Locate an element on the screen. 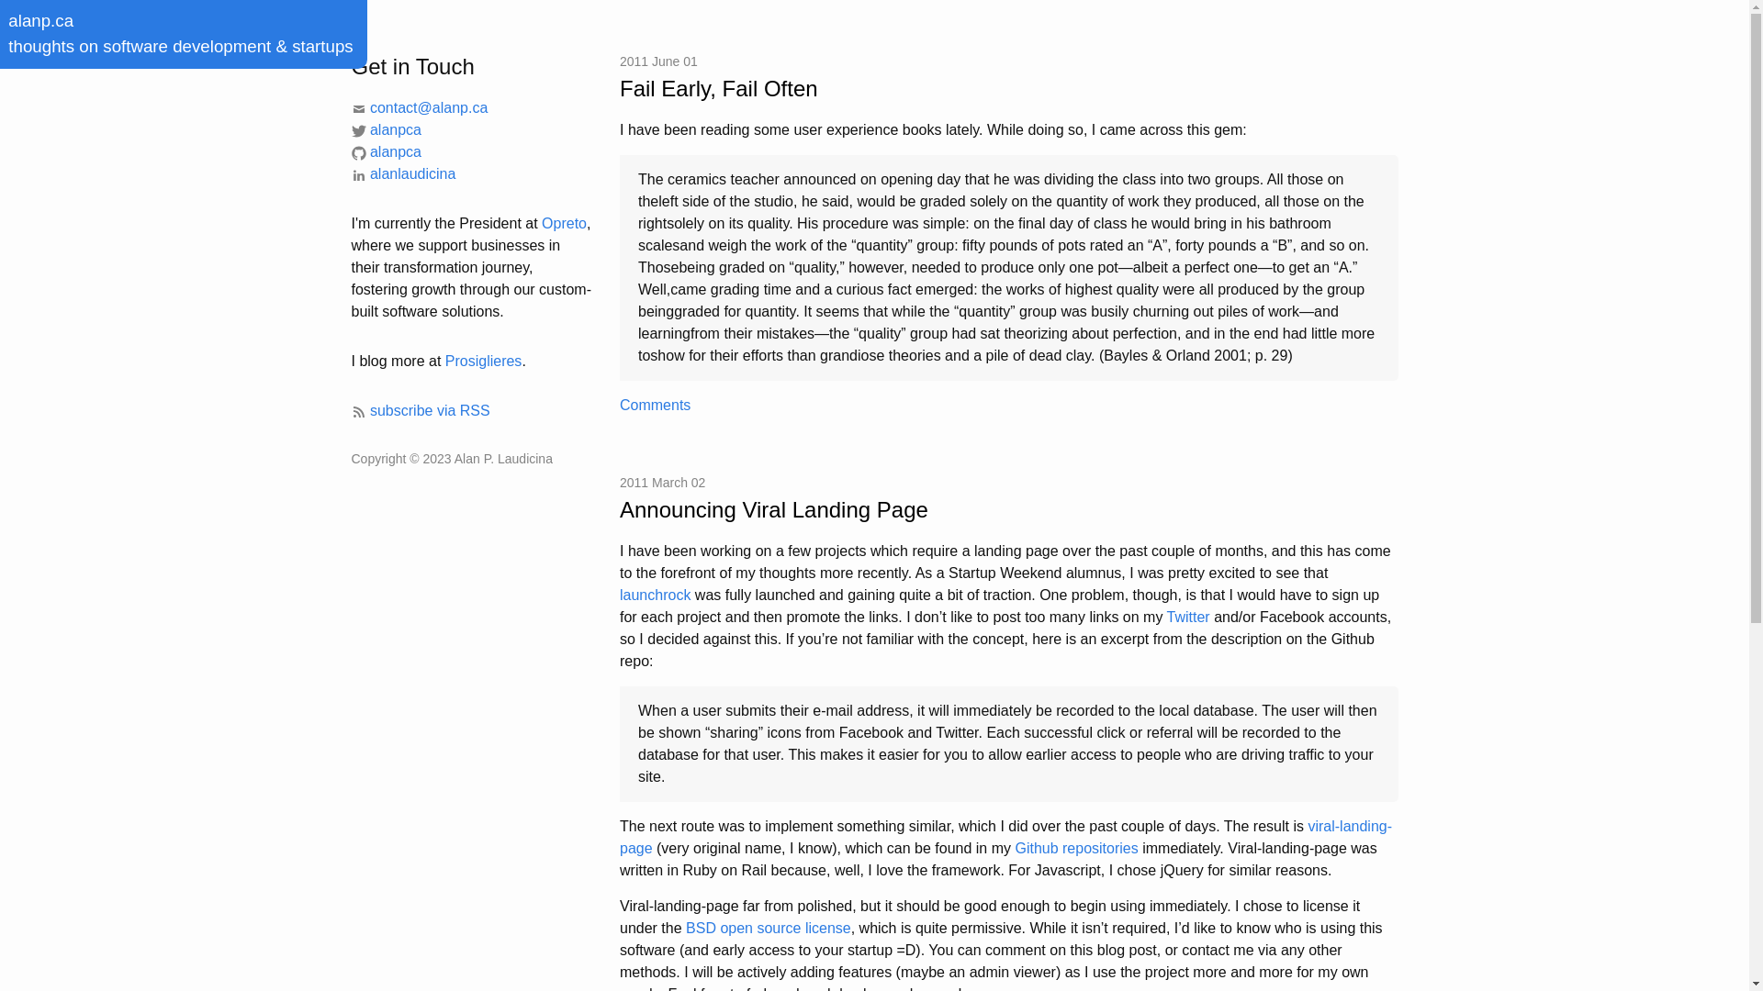 This screenshot has width=1763, height=991. 'Twitter' is located at coordinates (1188, 617).